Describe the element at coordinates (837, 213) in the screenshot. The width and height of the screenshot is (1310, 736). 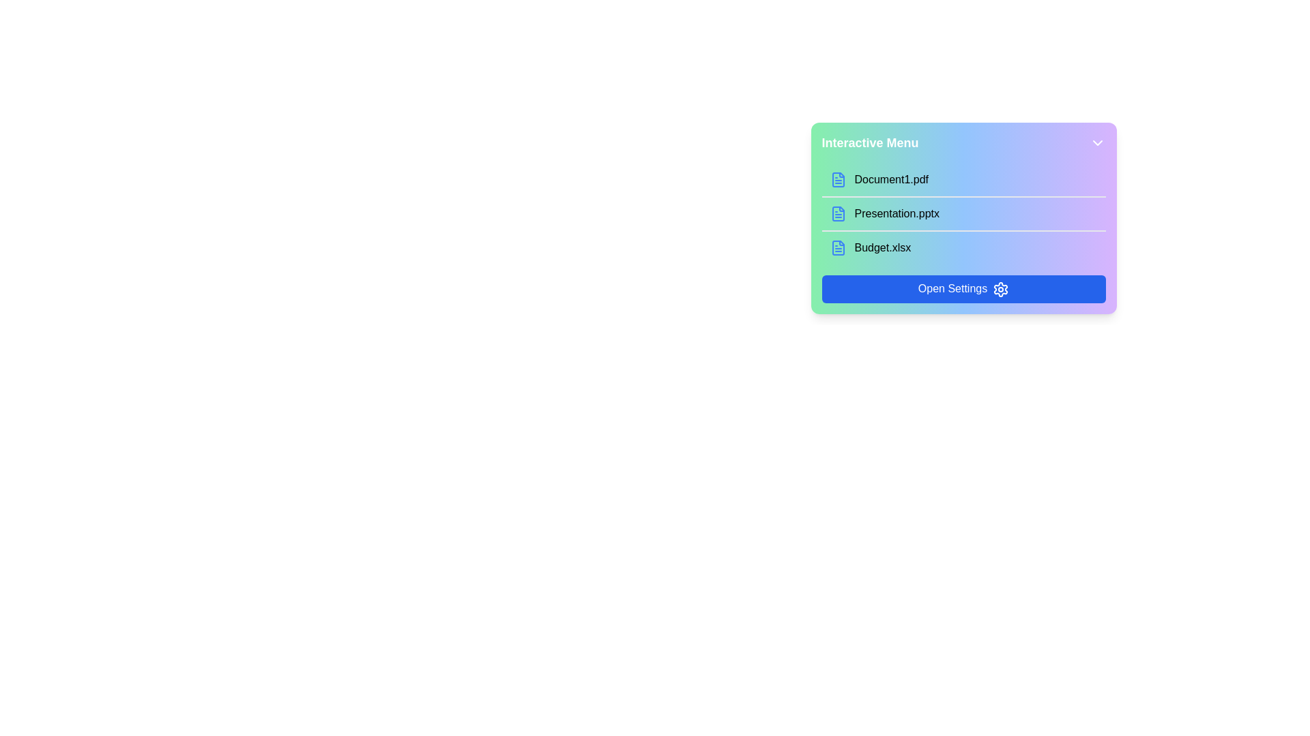
I see `the small blue document-like icon representing 'Presentation.pptx' located to the left of the text in the second list item of the 'Interactive Menu'` at that location.